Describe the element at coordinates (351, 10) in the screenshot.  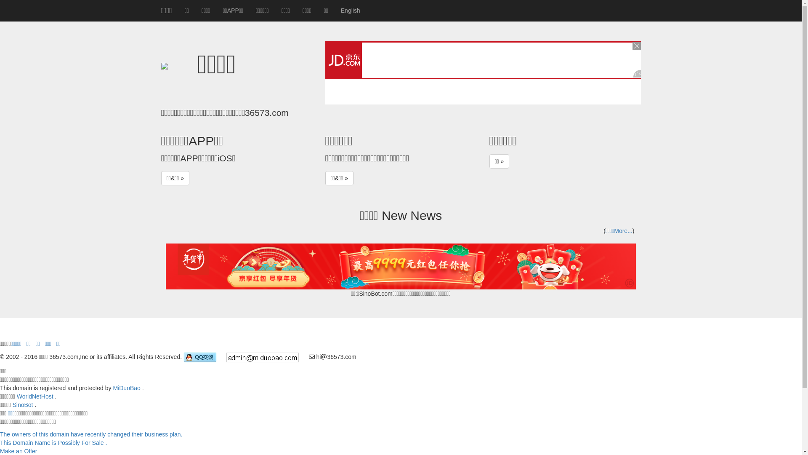
I see `'English'` at that location.